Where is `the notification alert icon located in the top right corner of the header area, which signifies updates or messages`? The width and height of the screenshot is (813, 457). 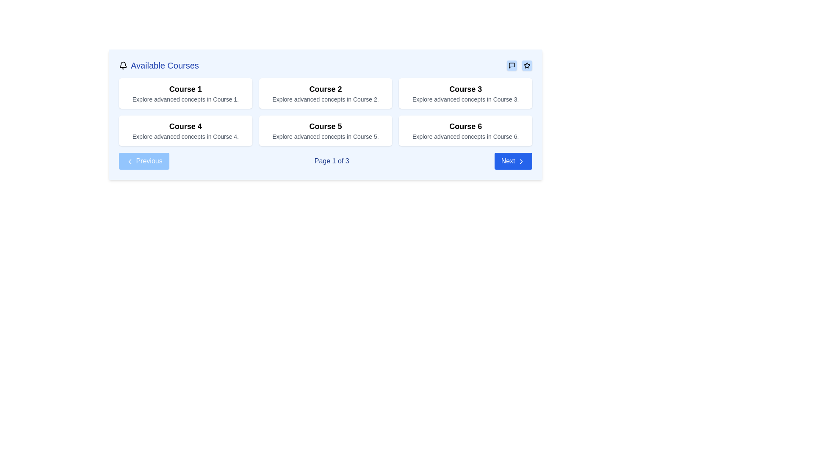 the notification alert icon located in the top right corner of the header area, which signifies updates or messages is located at coordinates (123, 64).